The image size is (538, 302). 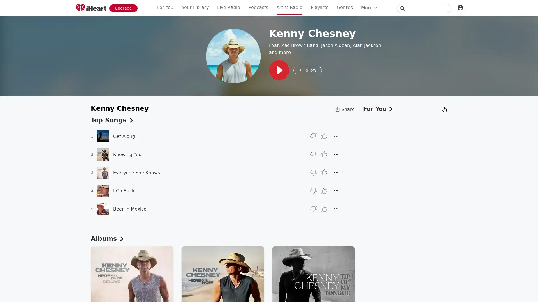 What do you see at coordinates (324, 136) in the screenshot?
I see `Thumb Up` at bounding box center [324, 136].